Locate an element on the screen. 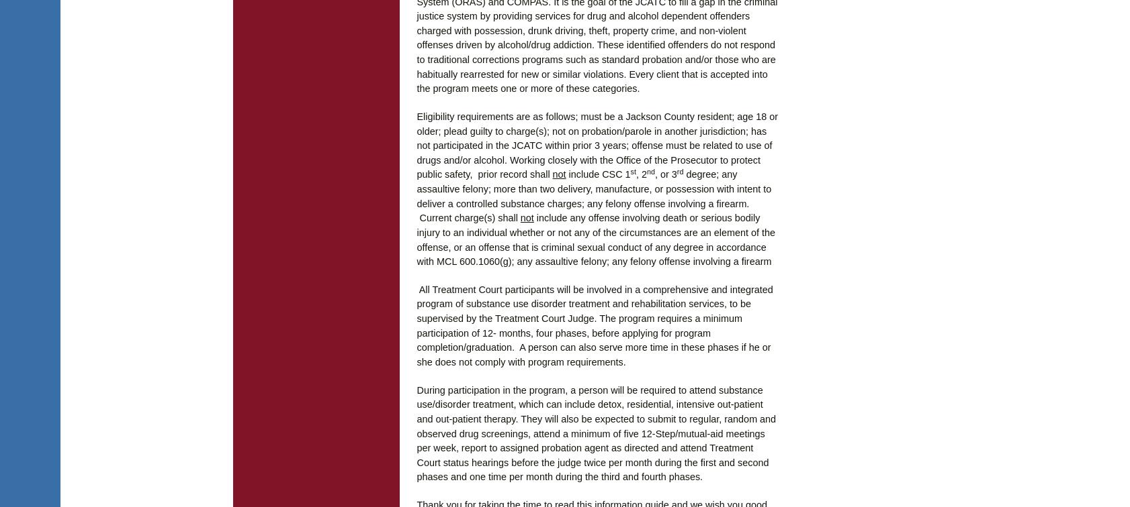 The image size is (1130, 507). 'include any offense involving death or serious bodily injury to an individual whether or not any of the circumstances are an element of the offense, or an offense that is criminal sexual conduct of any degree in accordance with MCL 600.1060(g); any assaultive felony; any felony offense involving a firearm' is located at coordinates (595, 239).